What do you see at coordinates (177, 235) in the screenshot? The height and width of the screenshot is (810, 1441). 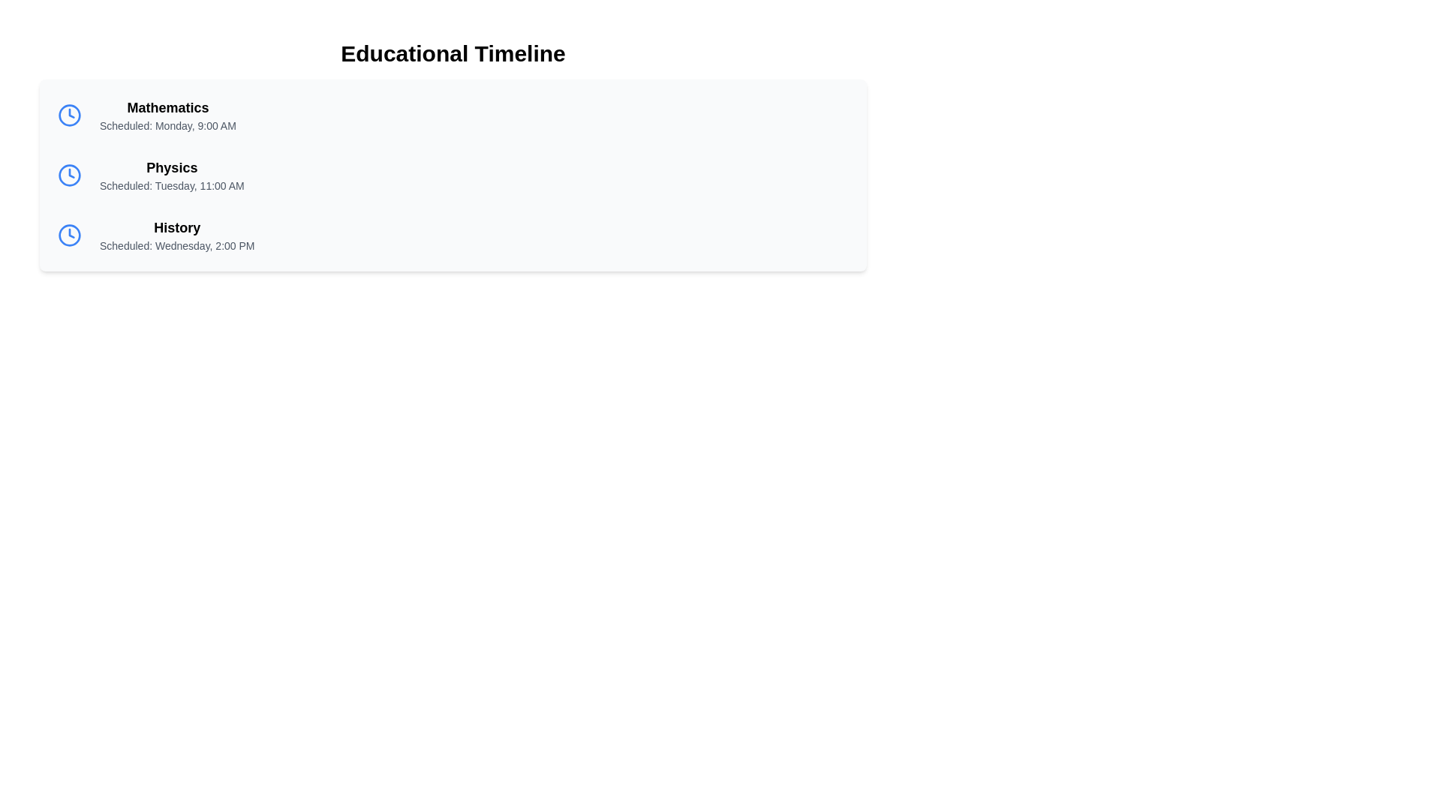 I see `information presented in the 'History' text label group, which includes the heading 'History' and the subtext 'Scheduled: Wednesday, 2:00 PM.'` at bounding box center [177, 235].